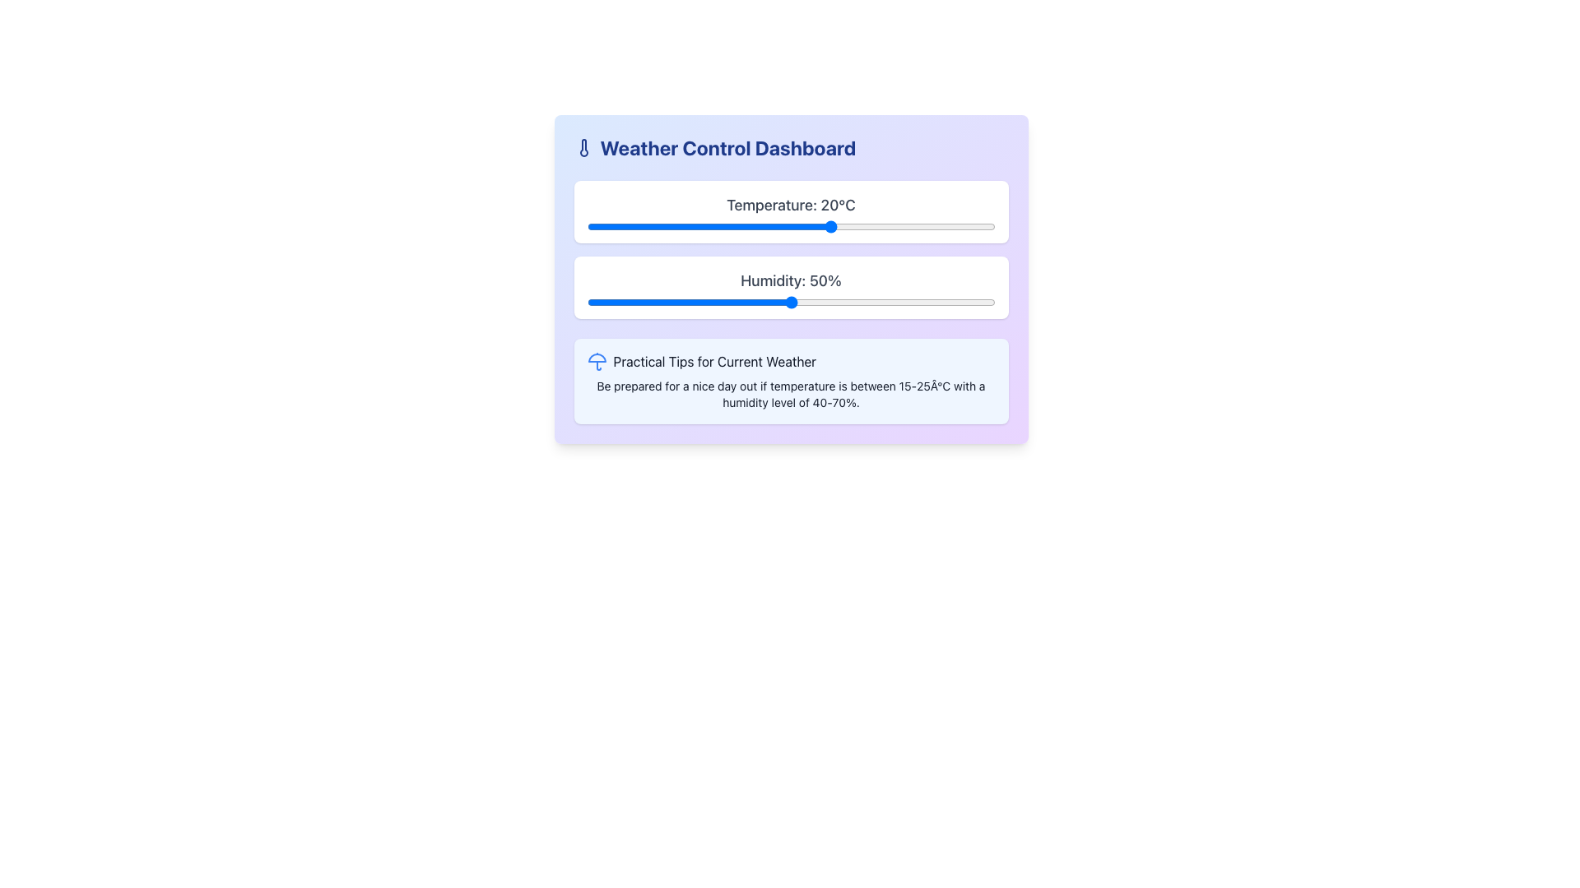  What do you see at coordinates (791, 227) in the screenshot?
I see `temperature` at bounding box center [791, 227].